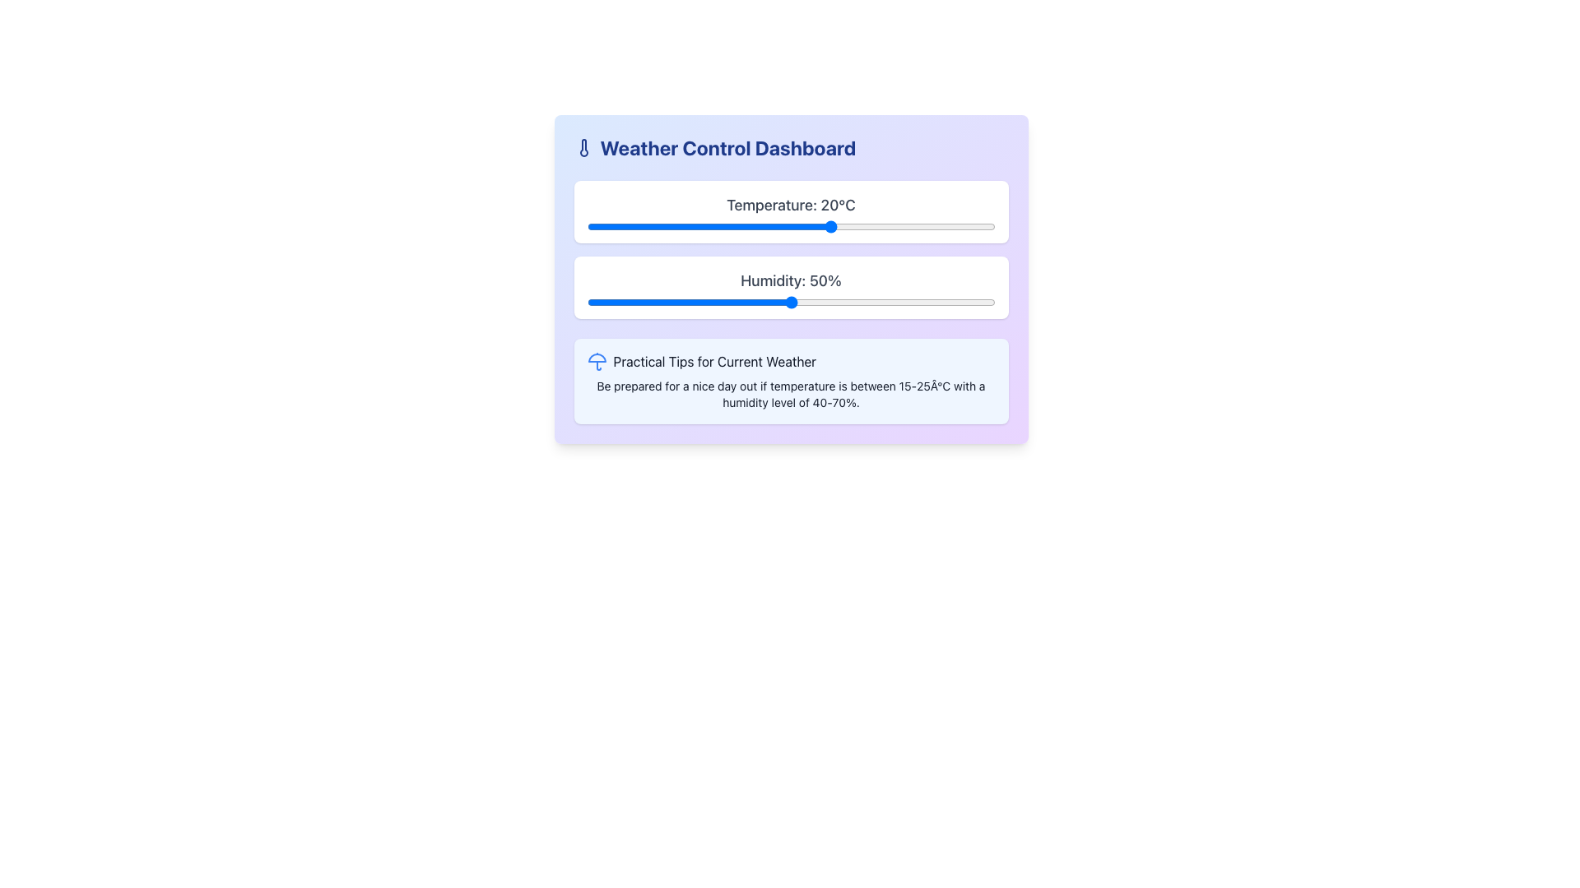  What do you see at coordinates (791, 227) in the screenshot?
I see `temperature` at bounding box center [791, 227].